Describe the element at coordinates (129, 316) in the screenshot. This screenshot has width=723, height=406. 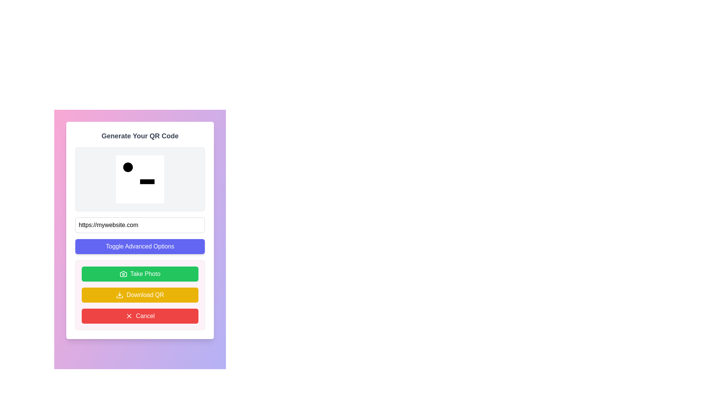
I see `the 'X' shaped icon in the top-right corner of the modal interface for additional visual feedback` at that location.